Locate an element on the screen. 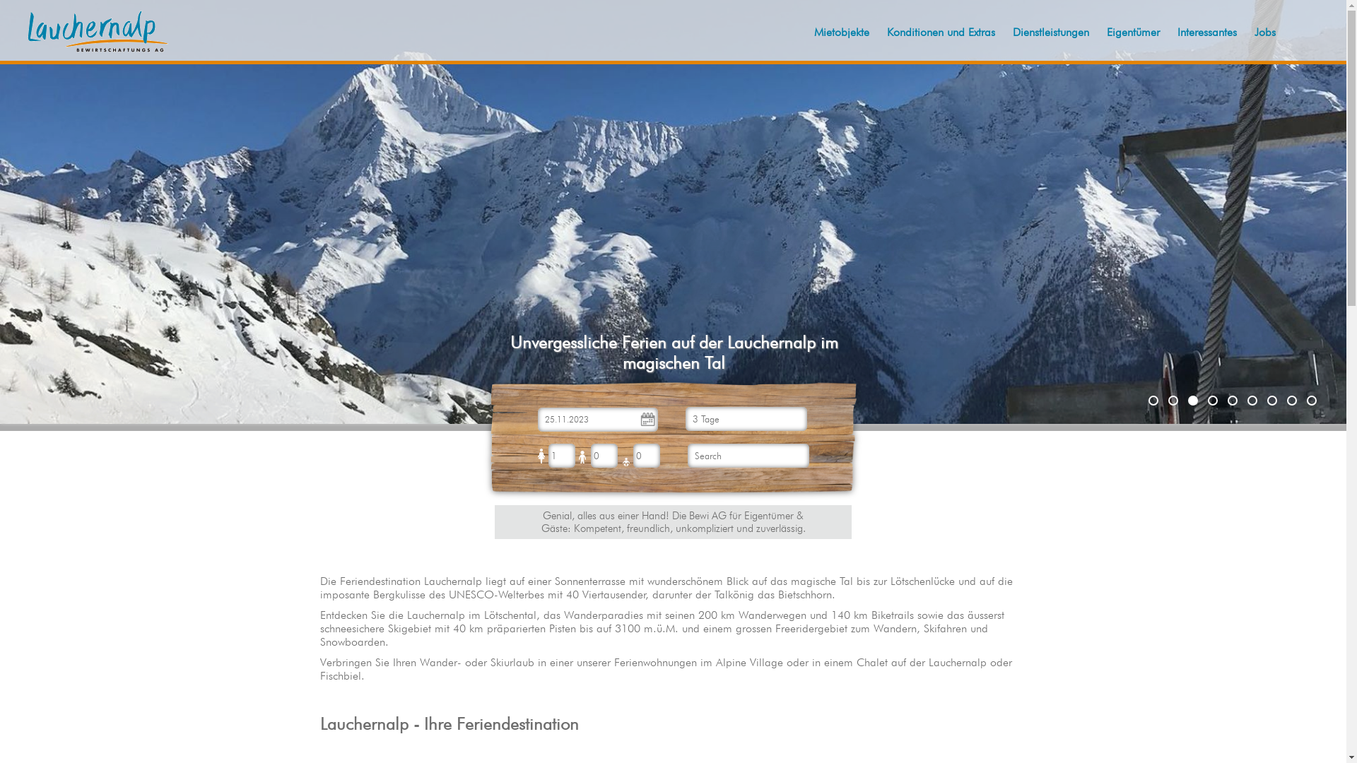  'Dienstleistungen' is located at coordinates (1051, 32).